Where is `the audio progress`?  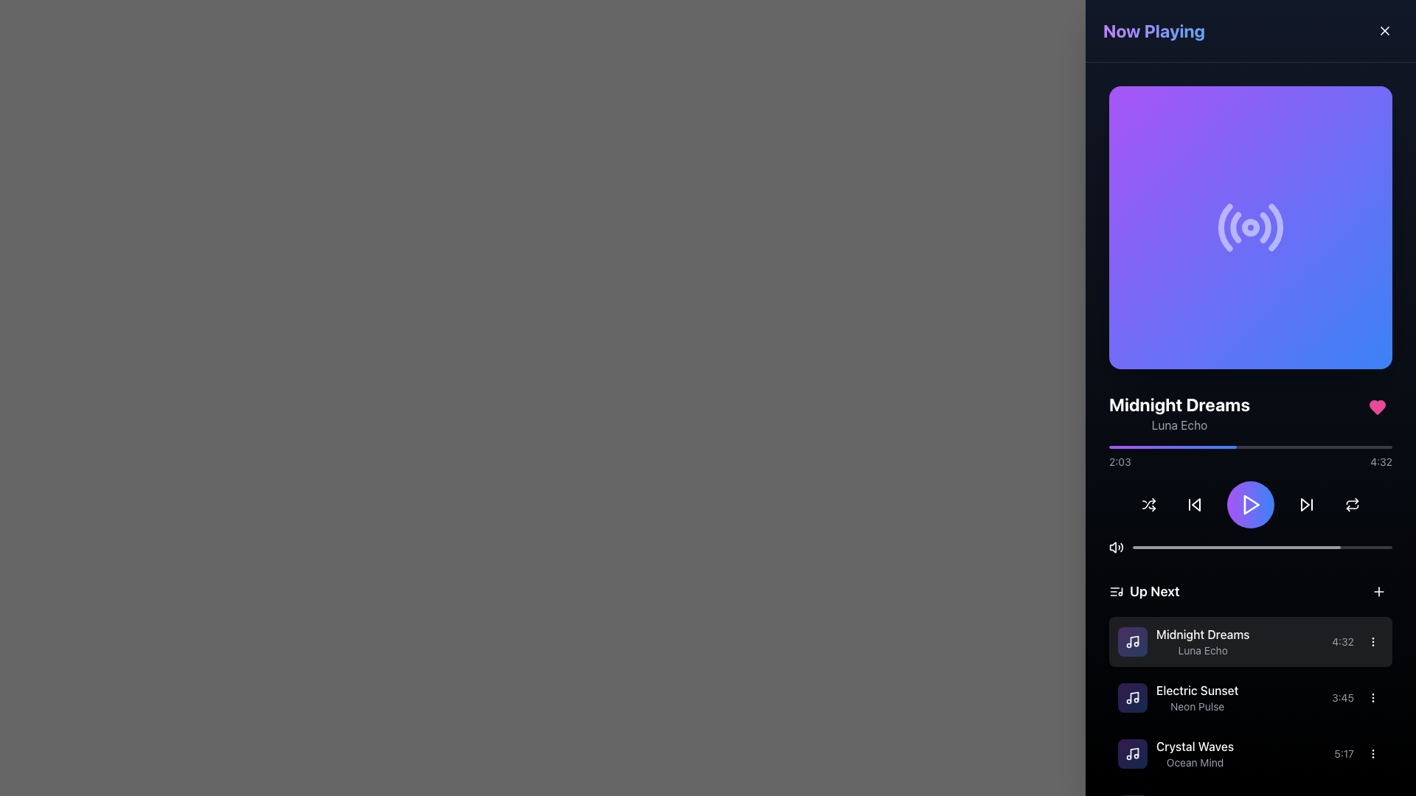 the audio progress is located at coordinates (1252, 446).